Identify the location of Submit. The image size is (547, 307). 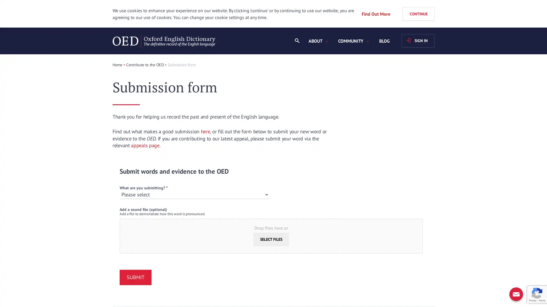
(135, 277).